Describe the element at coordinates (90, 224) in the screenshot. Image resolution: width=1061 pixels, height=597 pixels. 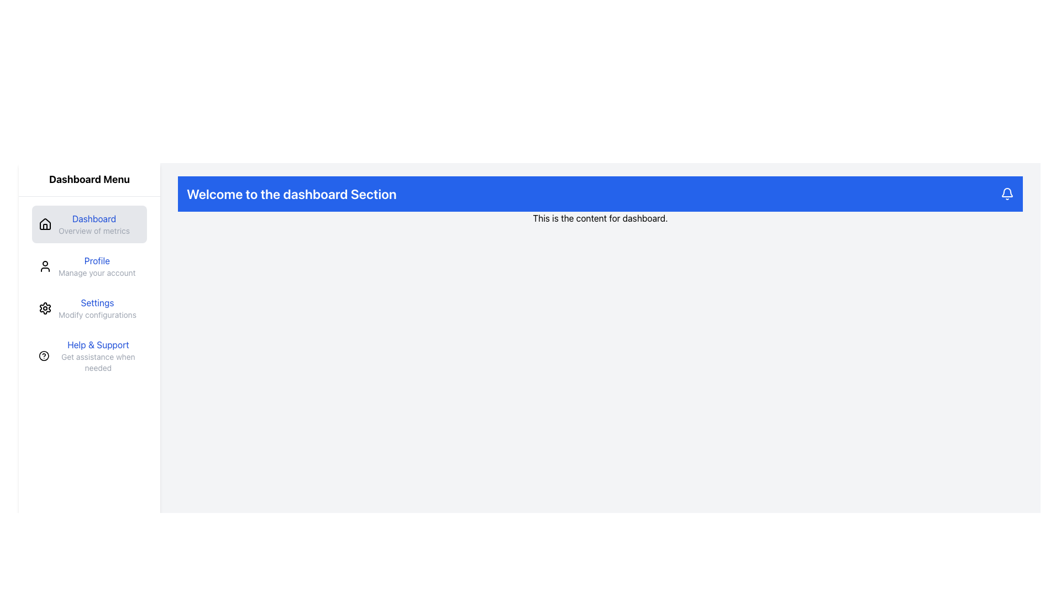
I see `the first navigation menu item that directs to the dashboard section of the application` at that location.